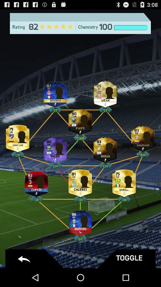 The height and width of the screenshot is (287, 161). What do you see at coordinates (80, 120) in the screenshot?
I see `player with 80 points` at bounding box center [80, 120].